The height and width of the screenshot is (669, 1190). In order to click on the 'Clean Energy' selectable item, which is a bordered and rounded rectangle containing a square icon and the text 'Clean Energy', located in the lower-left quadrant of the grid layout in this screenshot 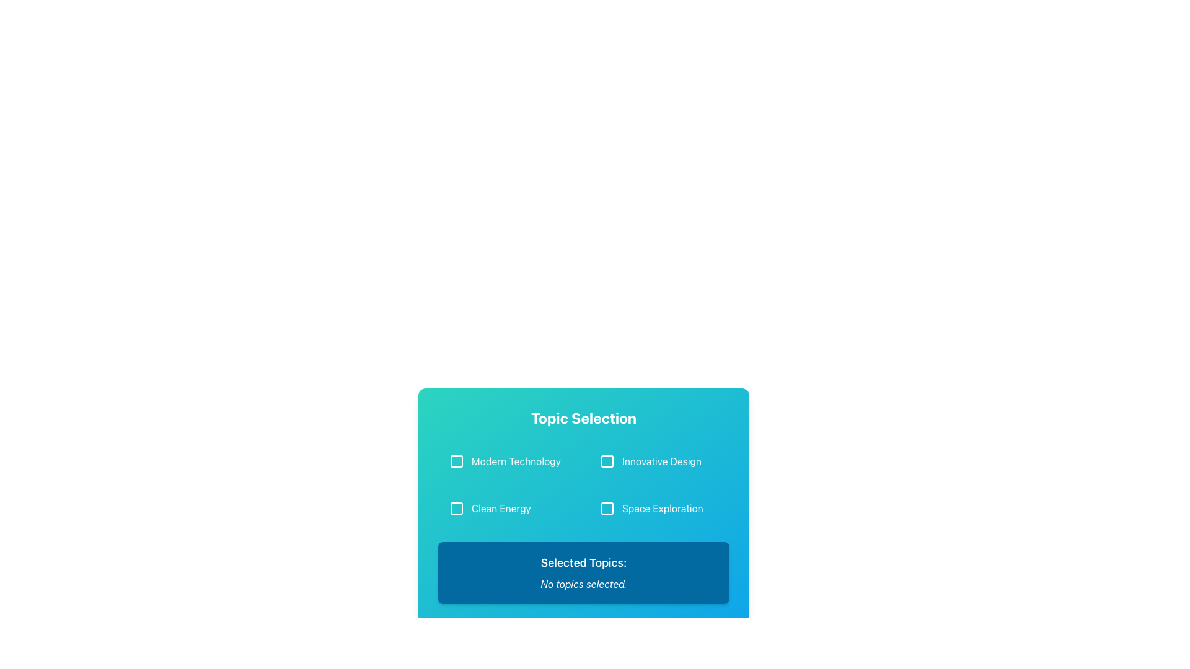, I will do `click(508, 509)`.